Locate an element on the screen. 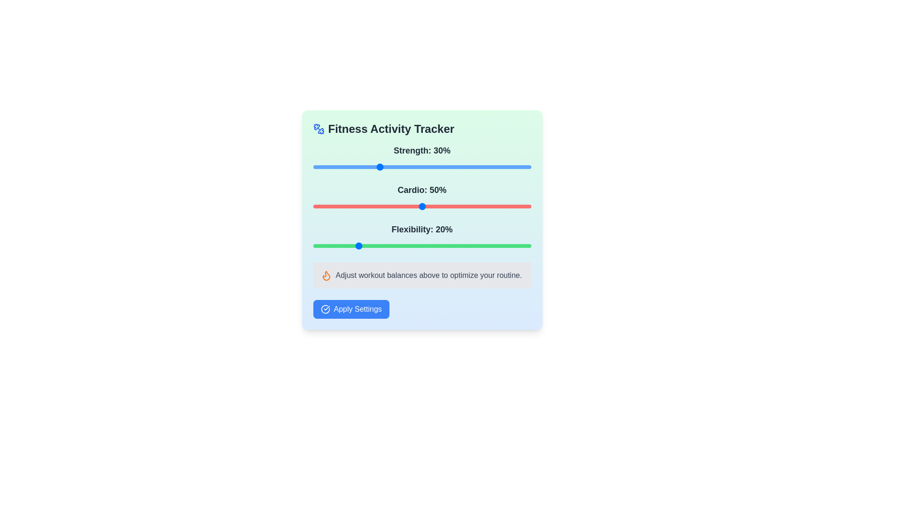 This screenshot has width=902, height=507. the slider value is located at coordinates (360, 166).